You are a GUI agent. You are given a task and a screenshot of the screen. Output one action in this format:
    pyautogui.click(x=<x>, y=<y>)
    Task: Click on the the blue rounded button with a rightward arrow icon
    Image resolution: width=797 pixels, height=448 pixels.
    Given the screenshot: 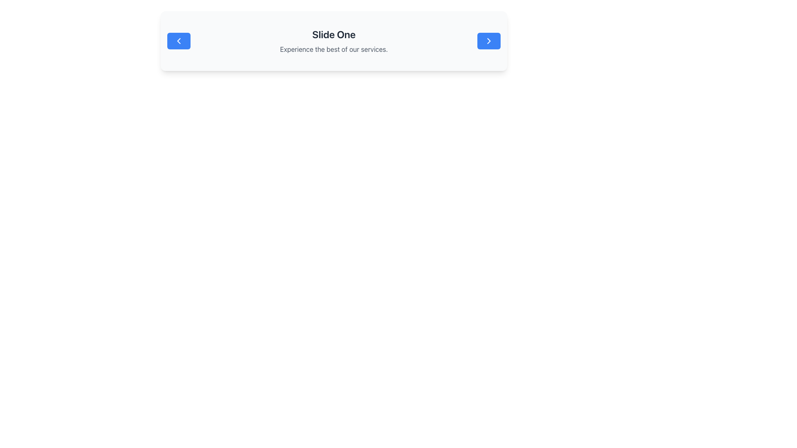 What is the action you would take?
    pyautogui.click(x=489, y=41)
    